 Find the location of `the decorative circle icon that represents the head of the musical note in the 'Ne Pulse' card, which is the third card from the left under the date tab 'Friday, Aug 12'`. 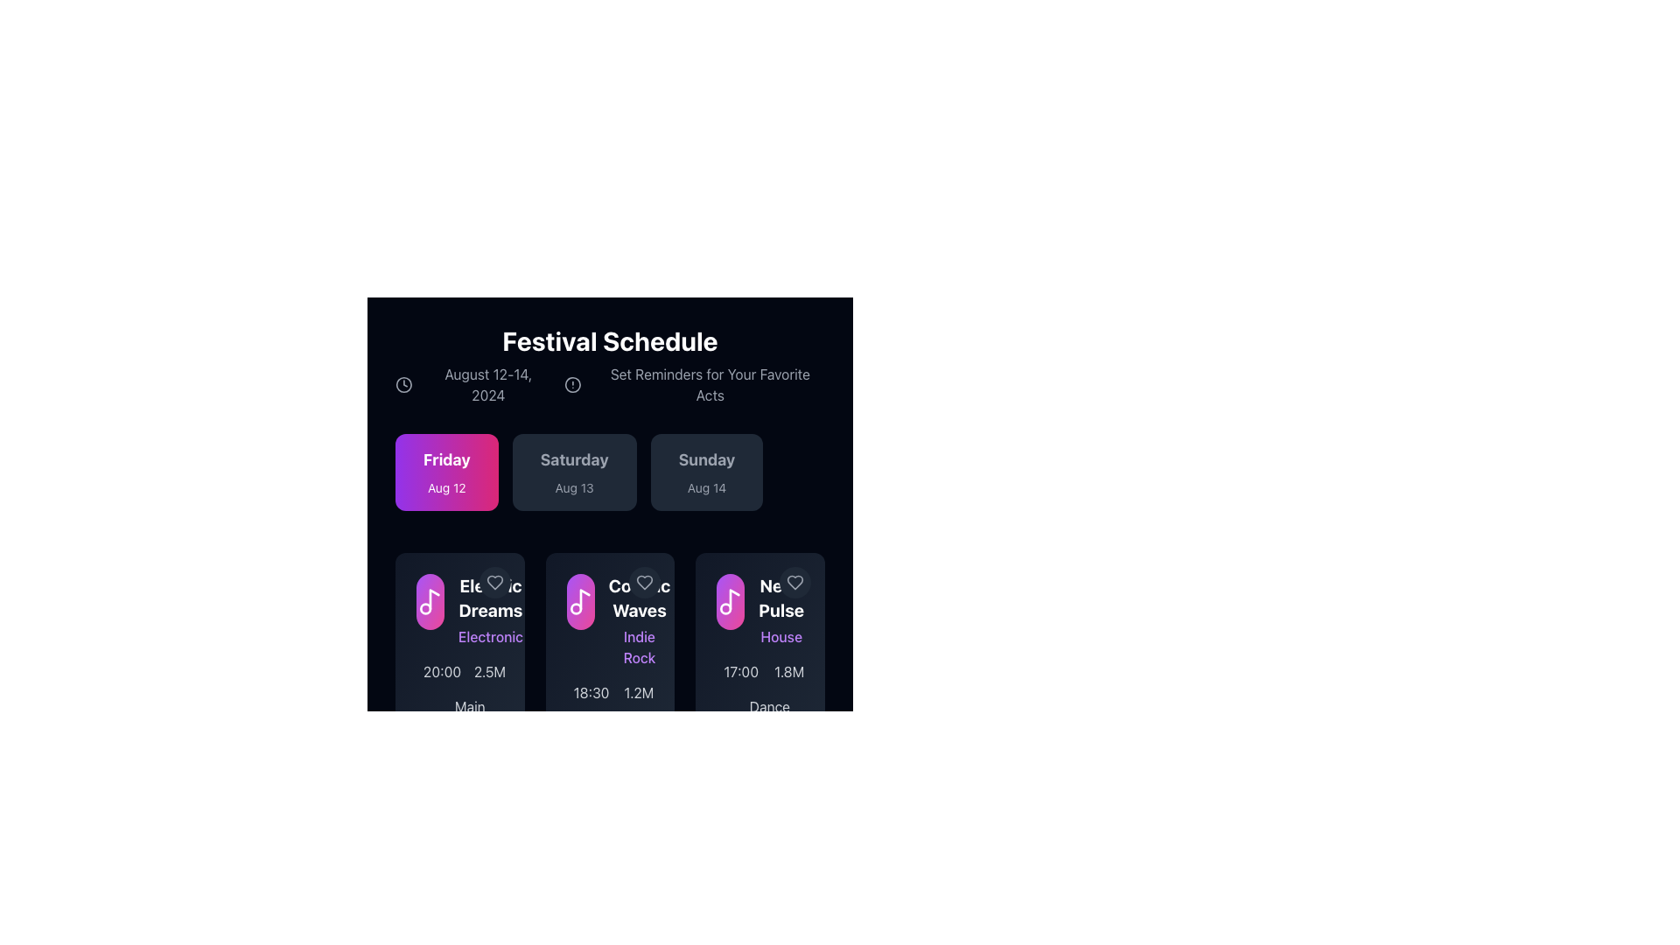

the decorative circle icon that represents the head of the musical note in the 'Ne Pulse' card, which is the third card from the left under the date tab 'Friday, Aug 12' is located at coordinates (726, 607).